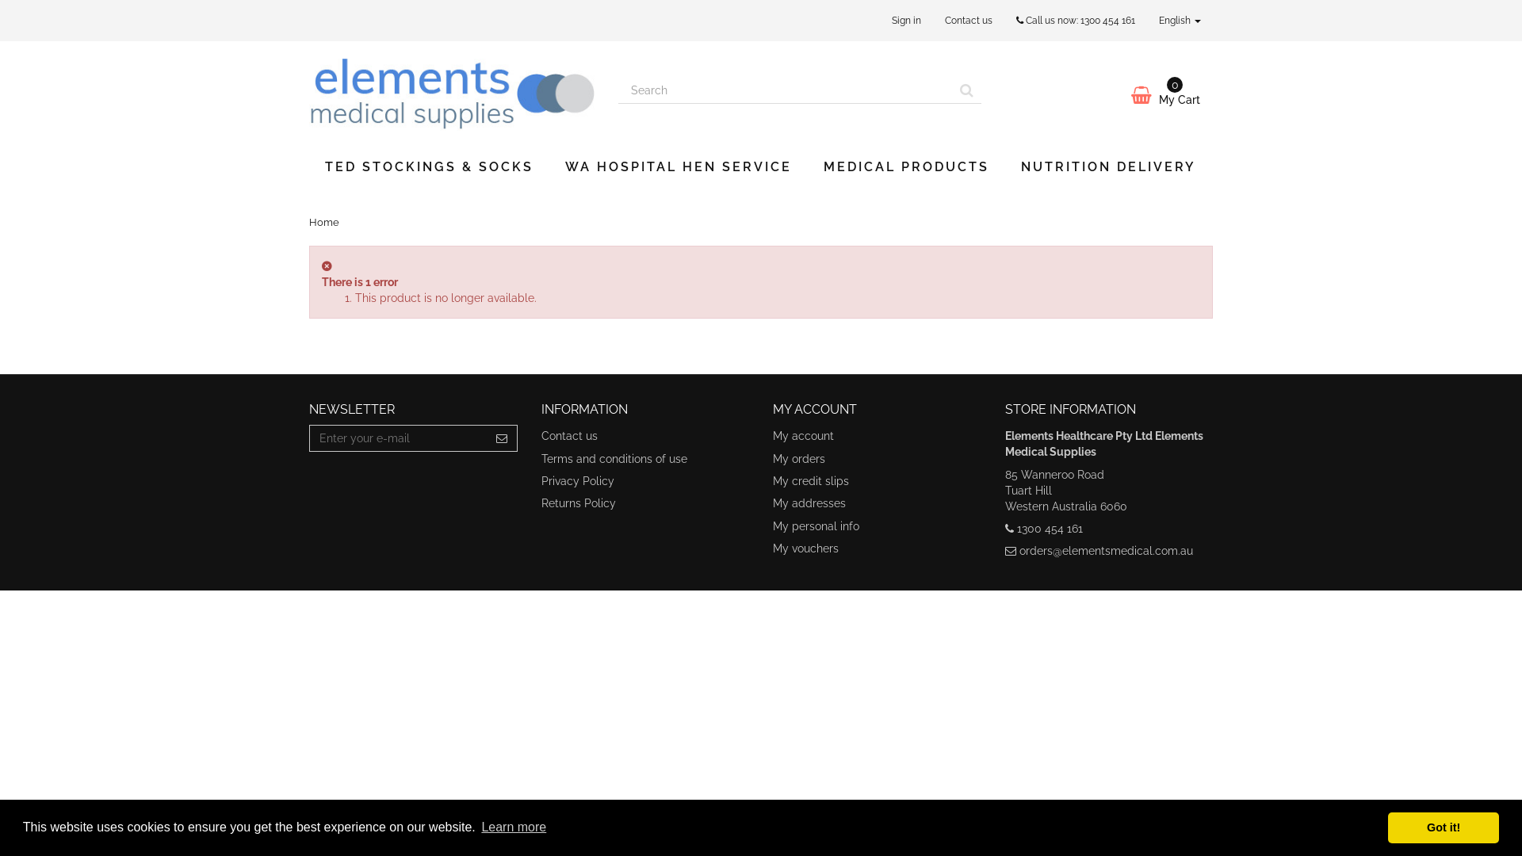 This screenshot has width=1522, height=856. Describe the element at coordinates (1107, 167) in the screenshot. I see `'NUTRITION DELIVERY'` at that location.